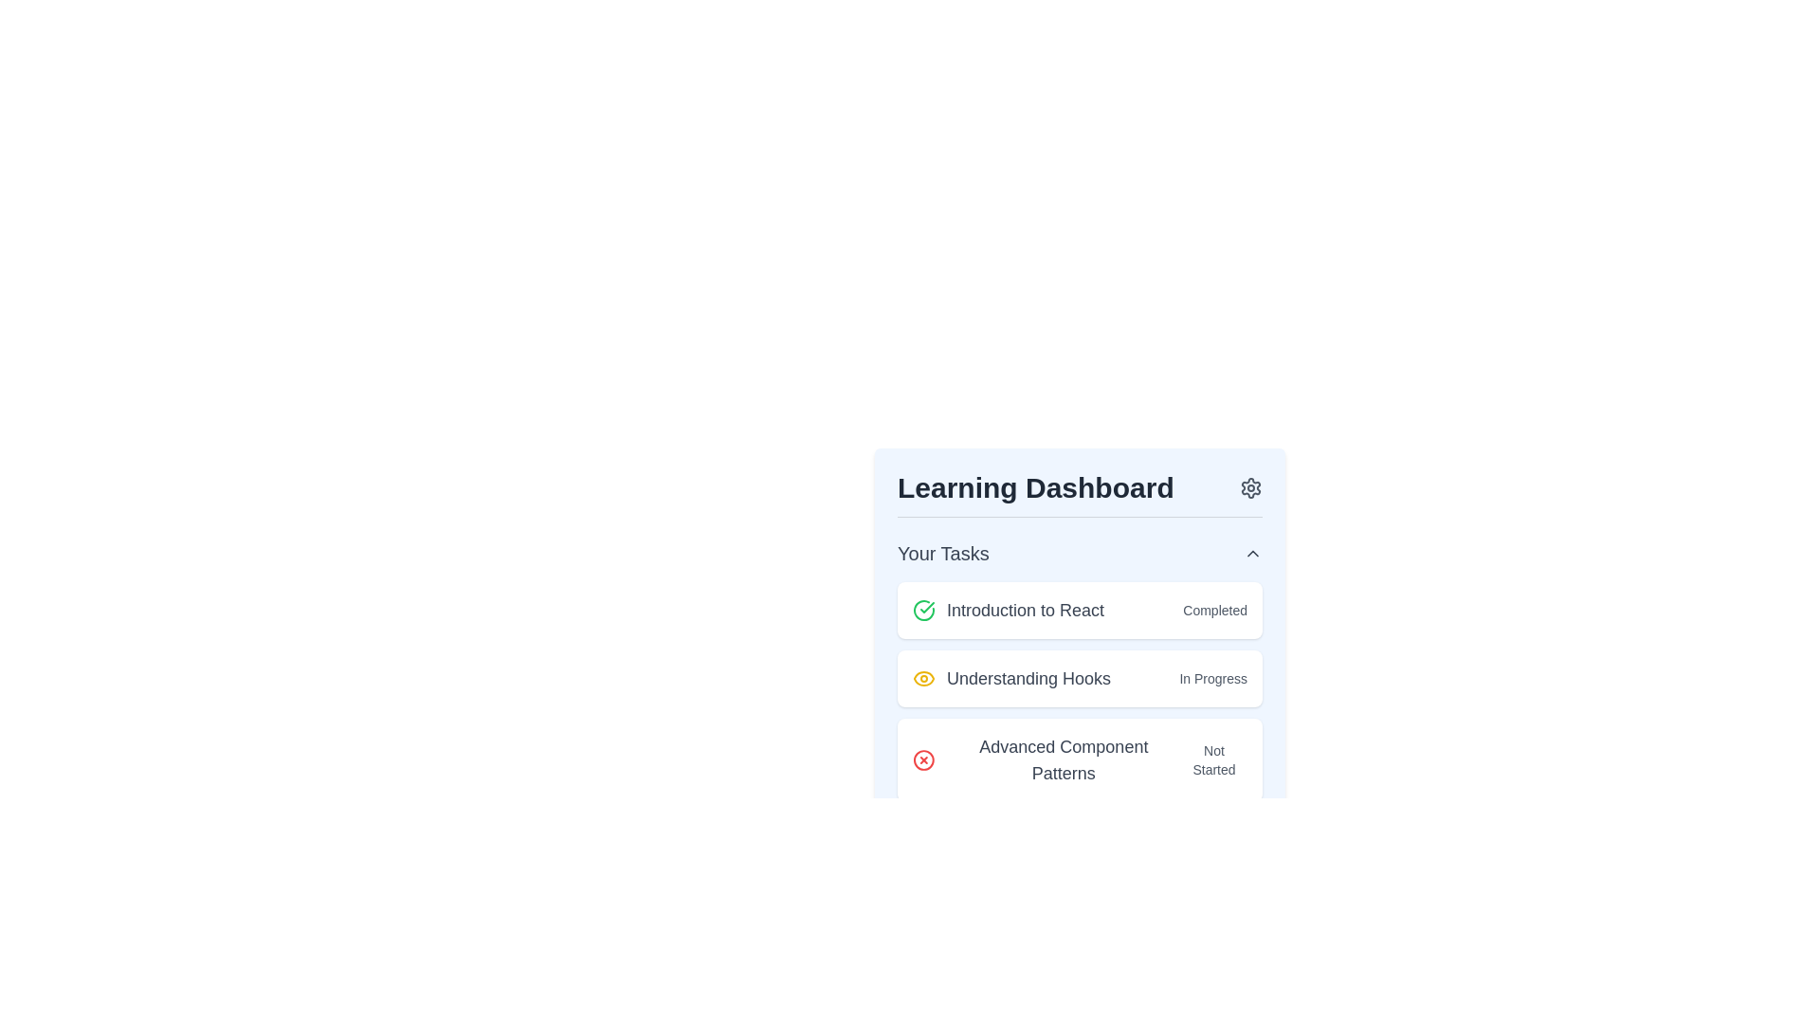 The width and height of the screenshot is (1820, 1024). What do you see at coordinates (1214, 759) in the screenshot?
I see `the status indicator text label located at the far-right end of the 'Advanced Component Patterns' task card, which displays the current progress state of the associated task` at bounding box center [1214, 759].